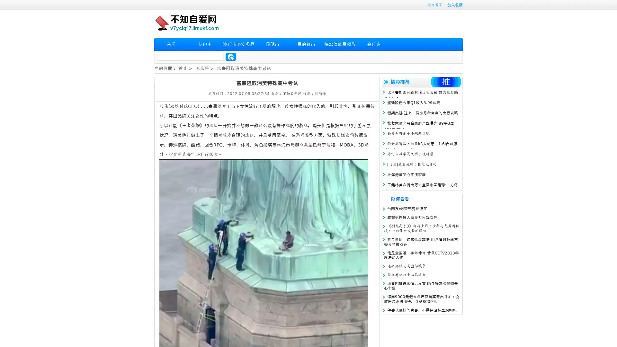 The width and height of the screenshot is (617, 347). Describe the element at coordinates (231, 57) in the screenshot. I see `Search` at that location.